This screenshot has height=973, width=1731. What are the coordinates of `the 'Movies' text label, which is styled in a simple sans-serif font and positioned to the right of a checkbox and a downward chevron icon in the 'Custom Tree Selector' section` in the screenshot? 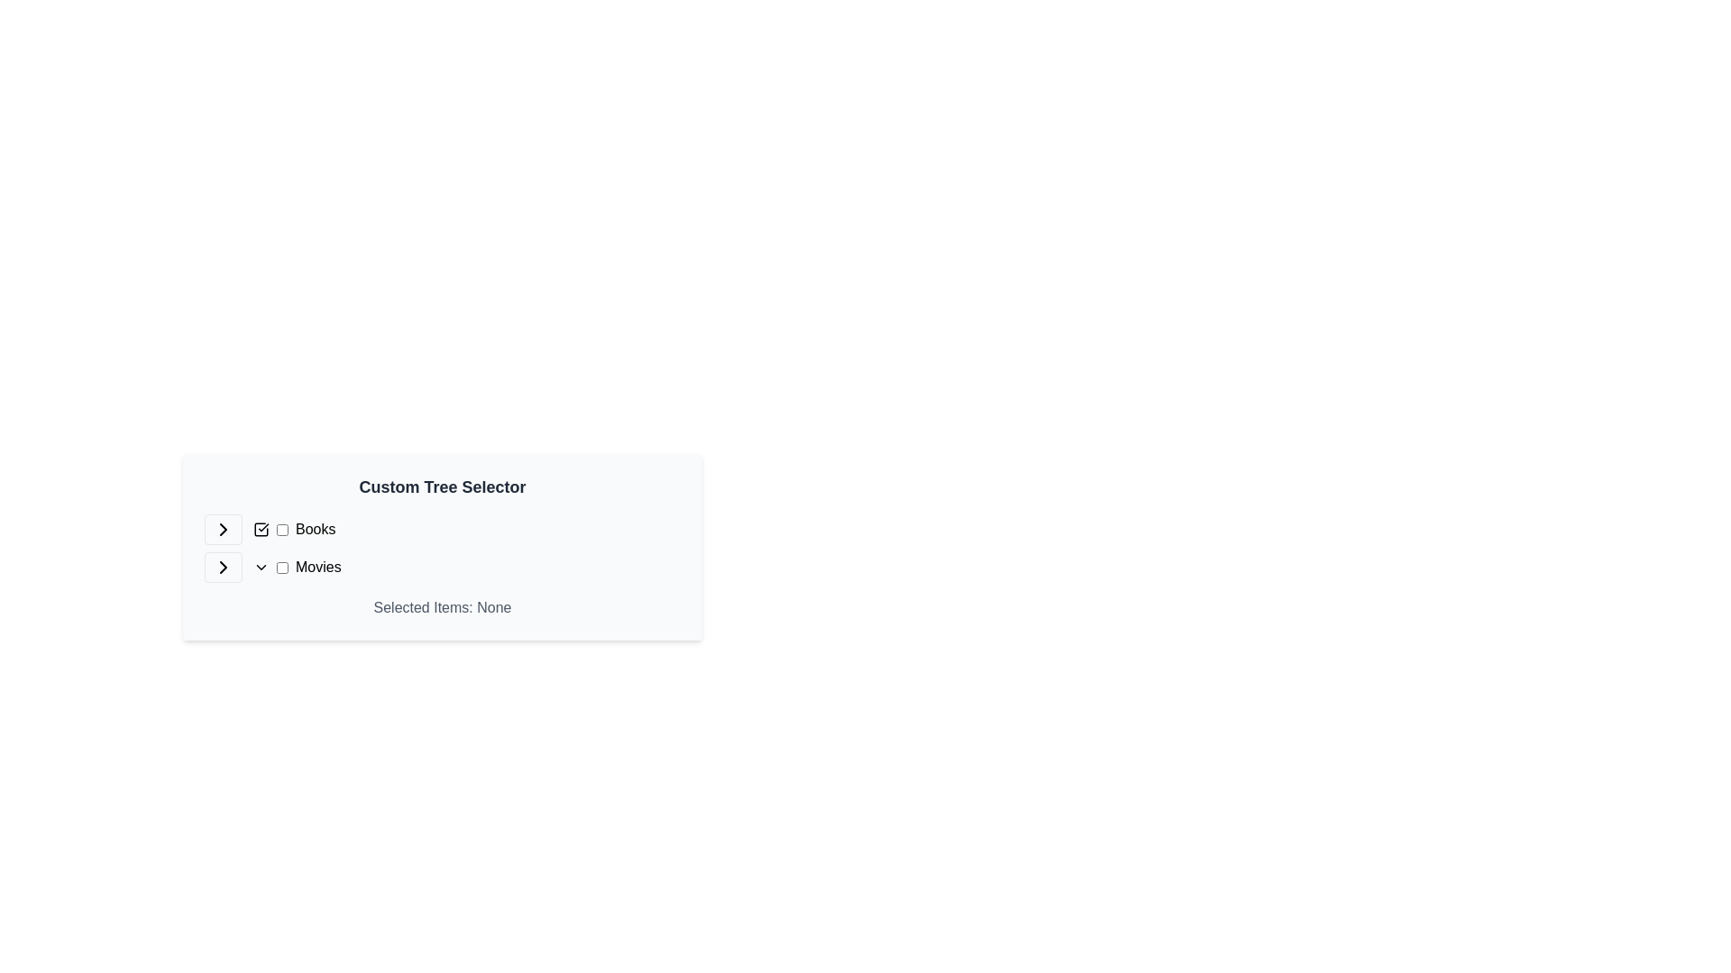 It's located at (297, 566).